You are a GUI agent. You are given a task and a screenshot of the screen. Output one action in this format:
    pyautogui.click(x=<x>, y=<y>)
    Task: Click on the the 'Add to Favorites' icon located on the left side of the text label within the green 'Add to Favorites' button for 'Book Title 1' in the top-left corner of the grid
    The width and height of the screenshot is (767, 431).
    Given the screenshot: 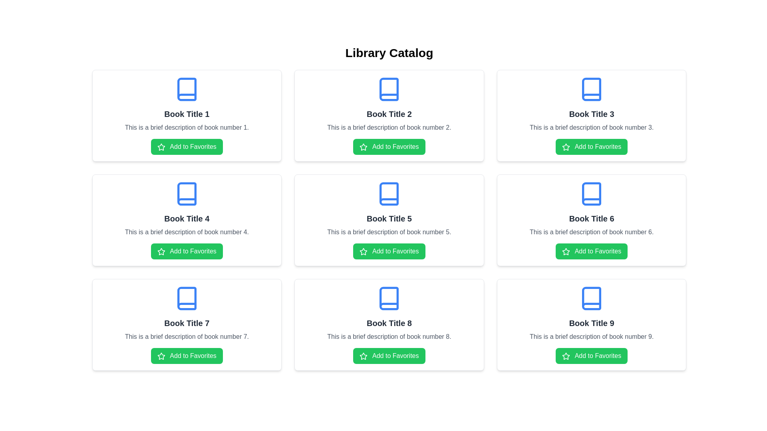 What is the action you would take?
    pyautogui.click(x=161, y=147)
    